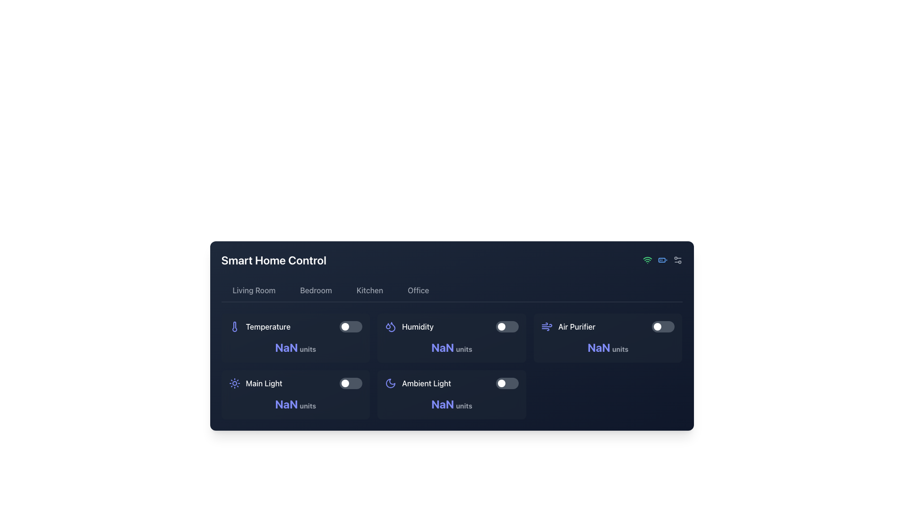  I want to click on the battery icon with a medium level, located at the top-right portion of the interface, positioned between the Wi-Fi icon and the settings gear icon, so click(662, 260).